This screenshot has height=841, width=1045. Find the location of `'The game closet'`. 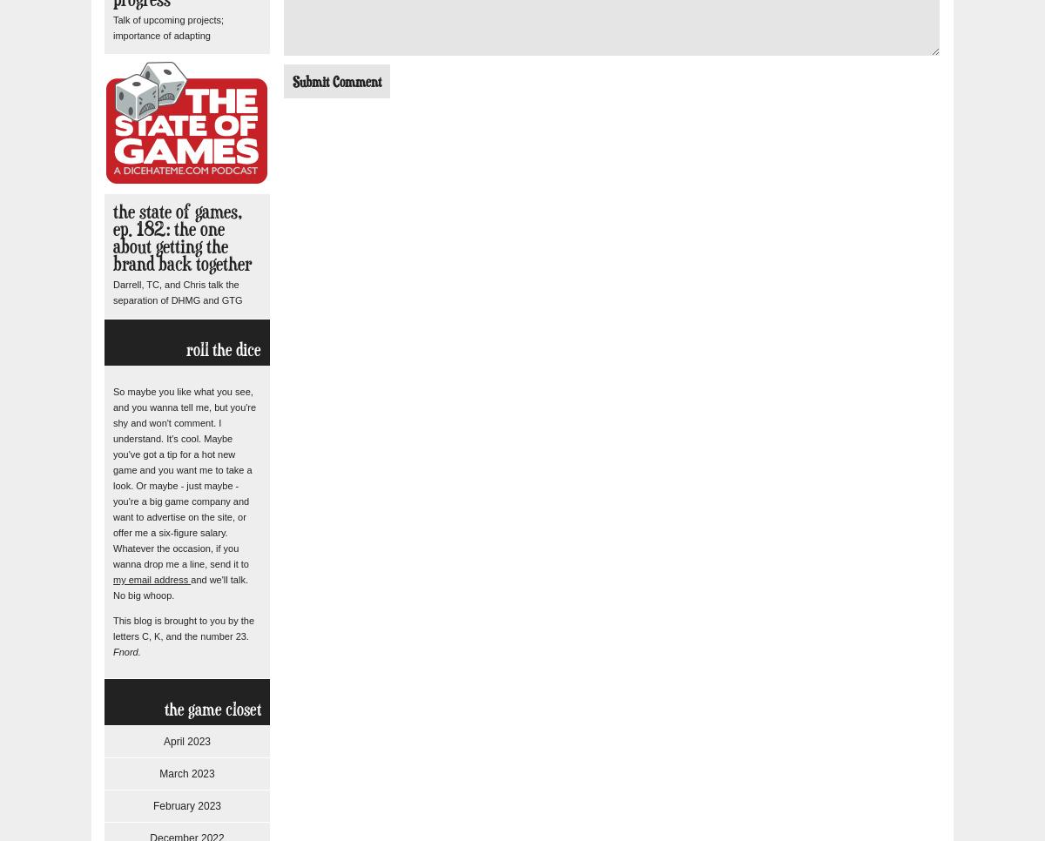

'The game closet' is located at coordinates (212, 709).